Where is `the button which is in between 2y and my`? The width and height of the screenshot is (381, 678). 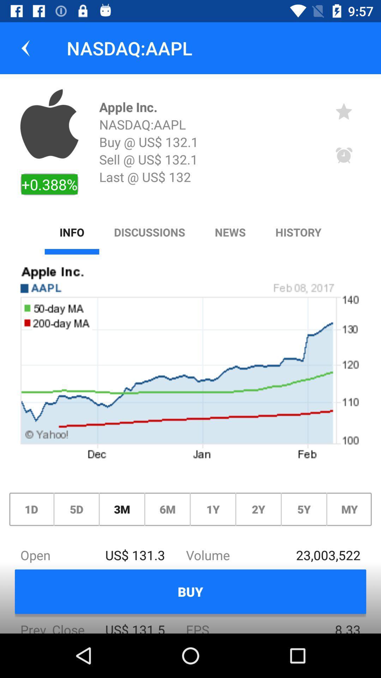 the button which is in between 2y and my is located at coordinates (303, 509).